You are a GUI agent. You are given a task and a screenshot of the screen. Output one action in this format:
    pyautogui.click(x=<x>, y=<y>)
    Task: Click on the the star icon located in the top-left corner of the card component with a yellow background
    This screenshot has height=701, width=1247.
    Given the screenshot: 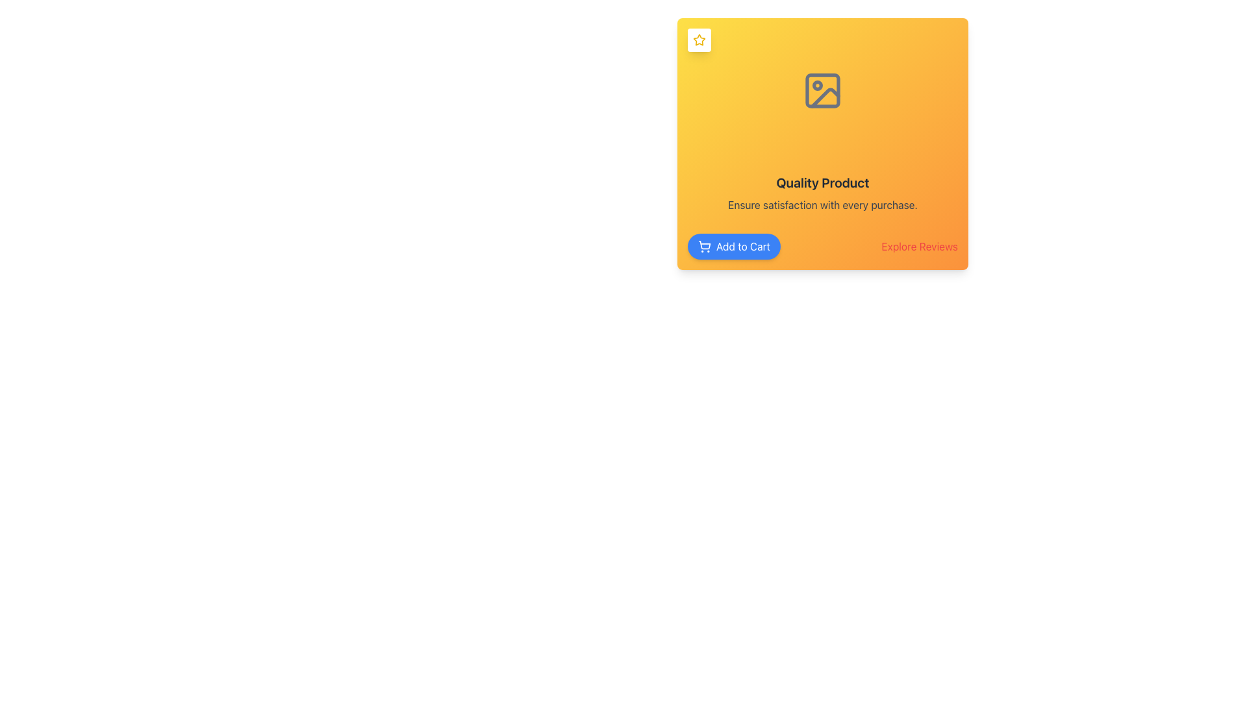 What is the action you would take?
    pyautogui.click(x=698, y=39)
    